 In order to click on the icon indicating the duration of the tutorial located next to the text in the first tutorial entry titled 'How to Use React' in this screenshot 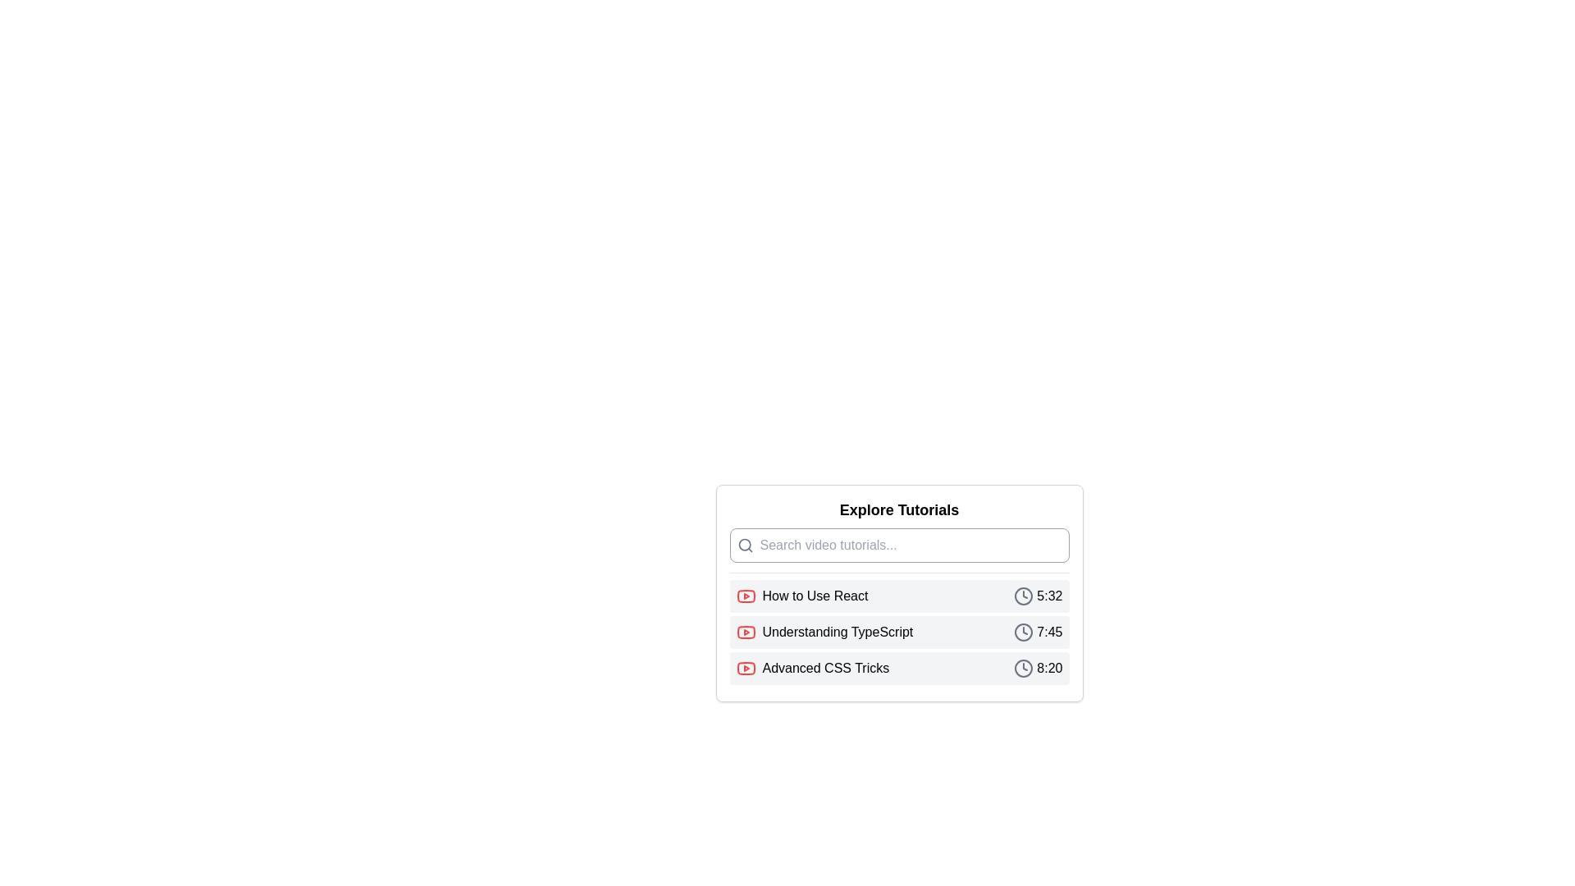, I will do `click(1037, 596)`.